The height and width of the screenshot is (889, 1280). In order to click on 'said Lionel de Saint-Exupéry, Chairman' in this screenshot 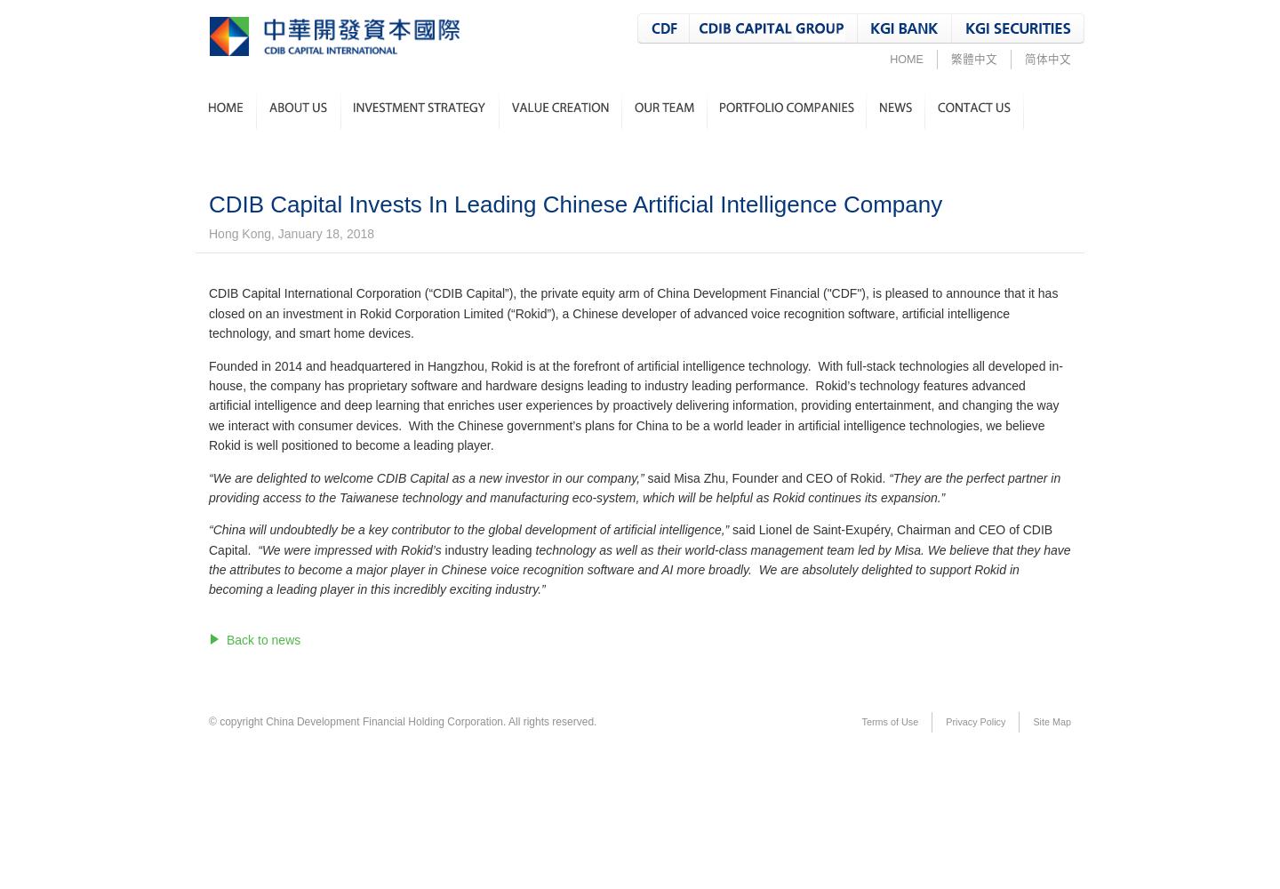, I will do `click(841, 529)`.